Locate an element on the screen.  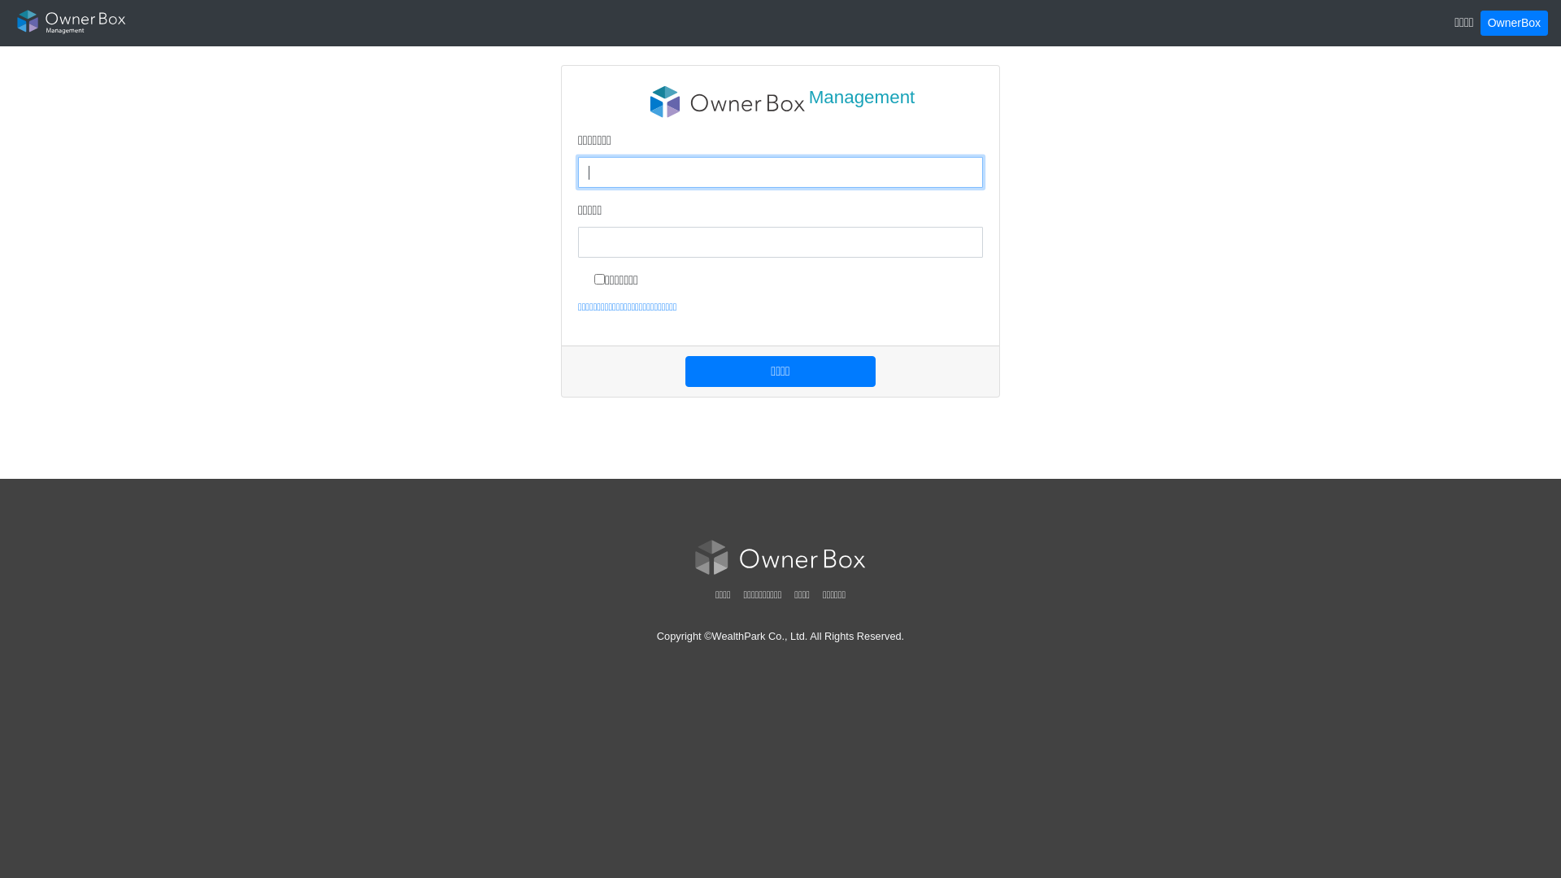
'OwnerBox' is located at coordinates (1513, 23).